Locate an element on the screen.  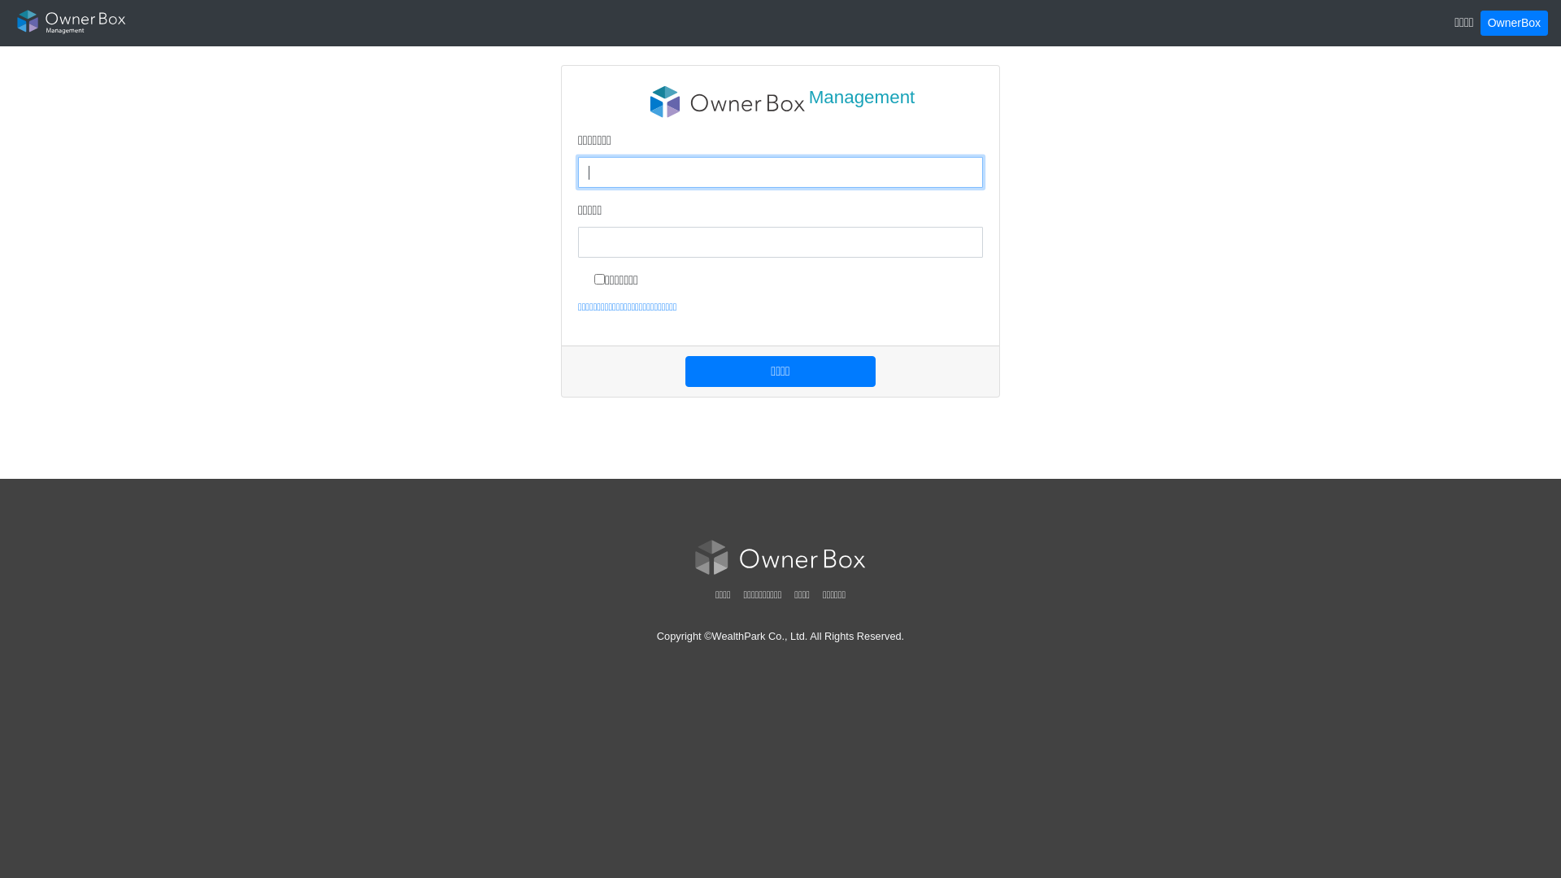
'OwnerBox' is located at coordinates (1513, 23).